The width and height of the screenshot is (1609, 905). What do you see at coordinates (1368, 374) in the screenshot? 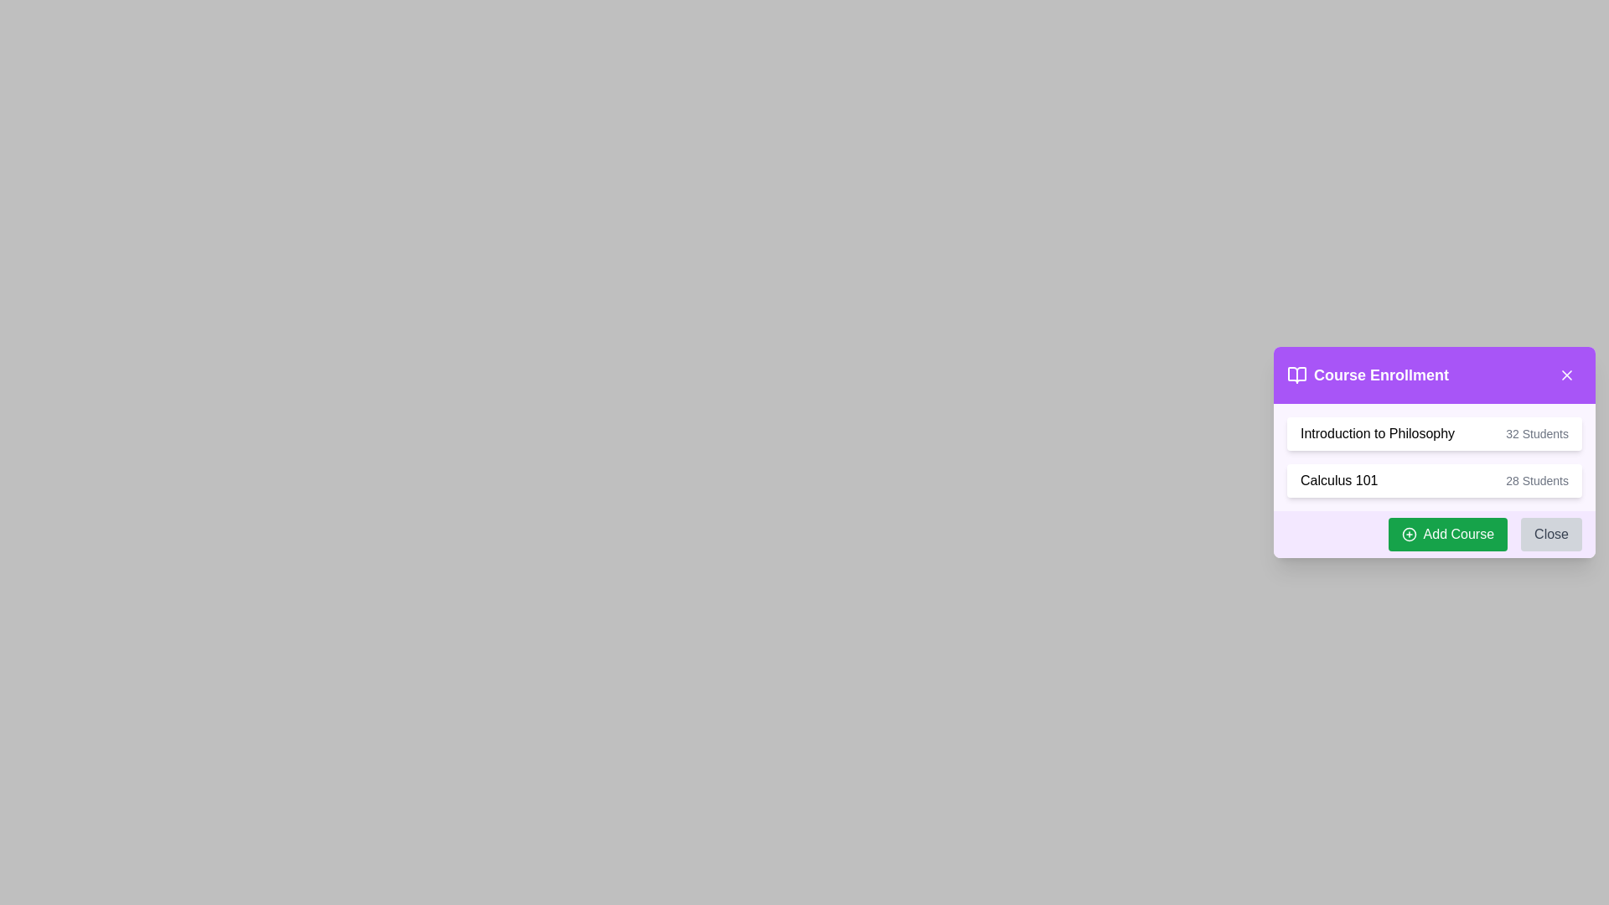
I see `the 'Course Enrollment' text component with an adjacent book icon located in the purple header of the panel` at bounding box center [1368, 374].